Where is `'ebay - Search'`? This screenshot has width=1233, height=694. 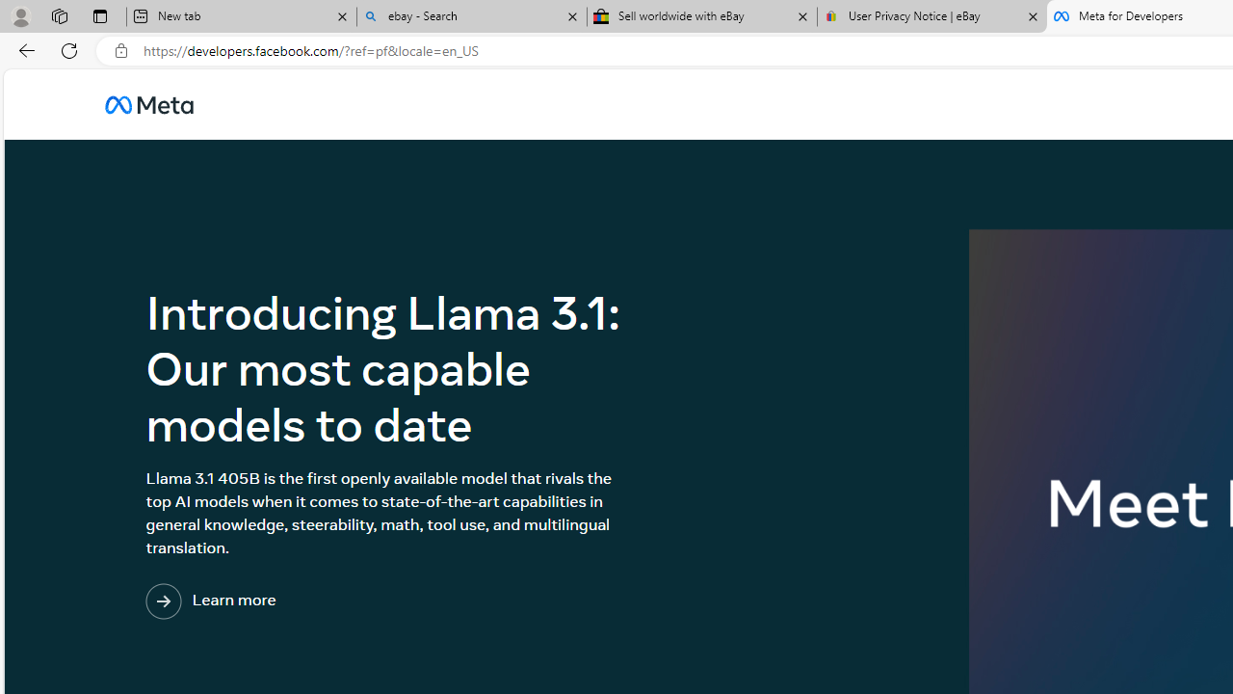
'ebay - Search' is located at coordinates (472, 16).